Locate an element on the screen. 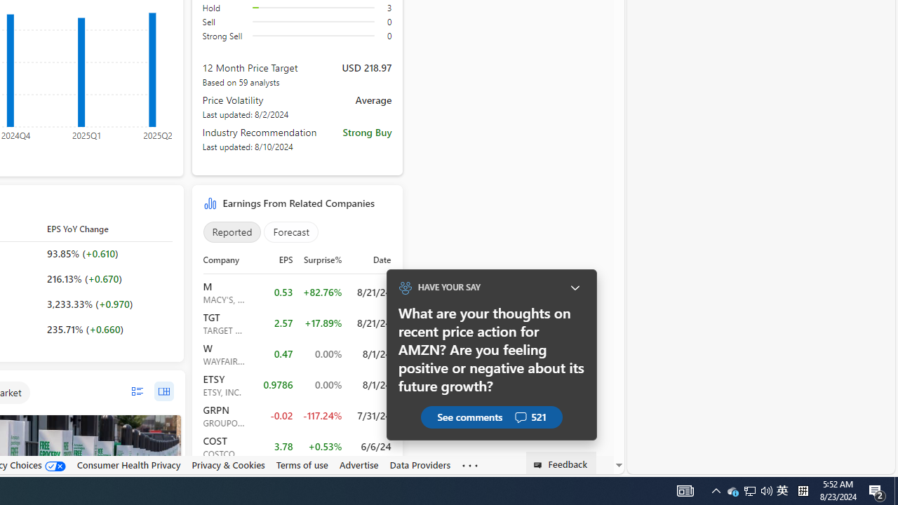 This screenshot has width=898, height=505. 'Data Providers' is located at coordinates (420, 464).